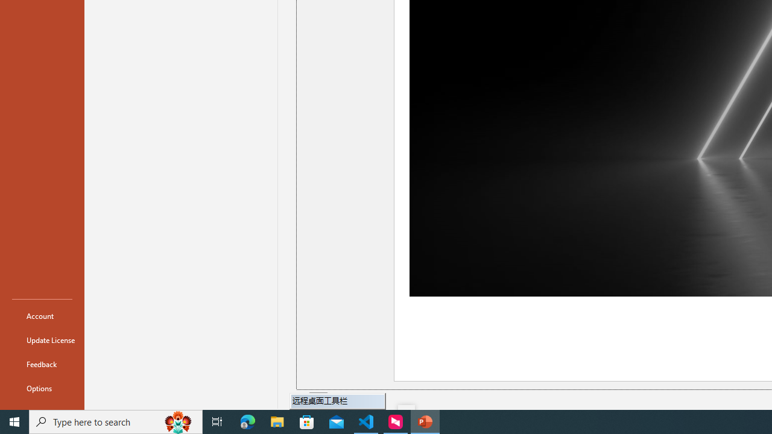  I want to click on 'Options', so click(42, 388).